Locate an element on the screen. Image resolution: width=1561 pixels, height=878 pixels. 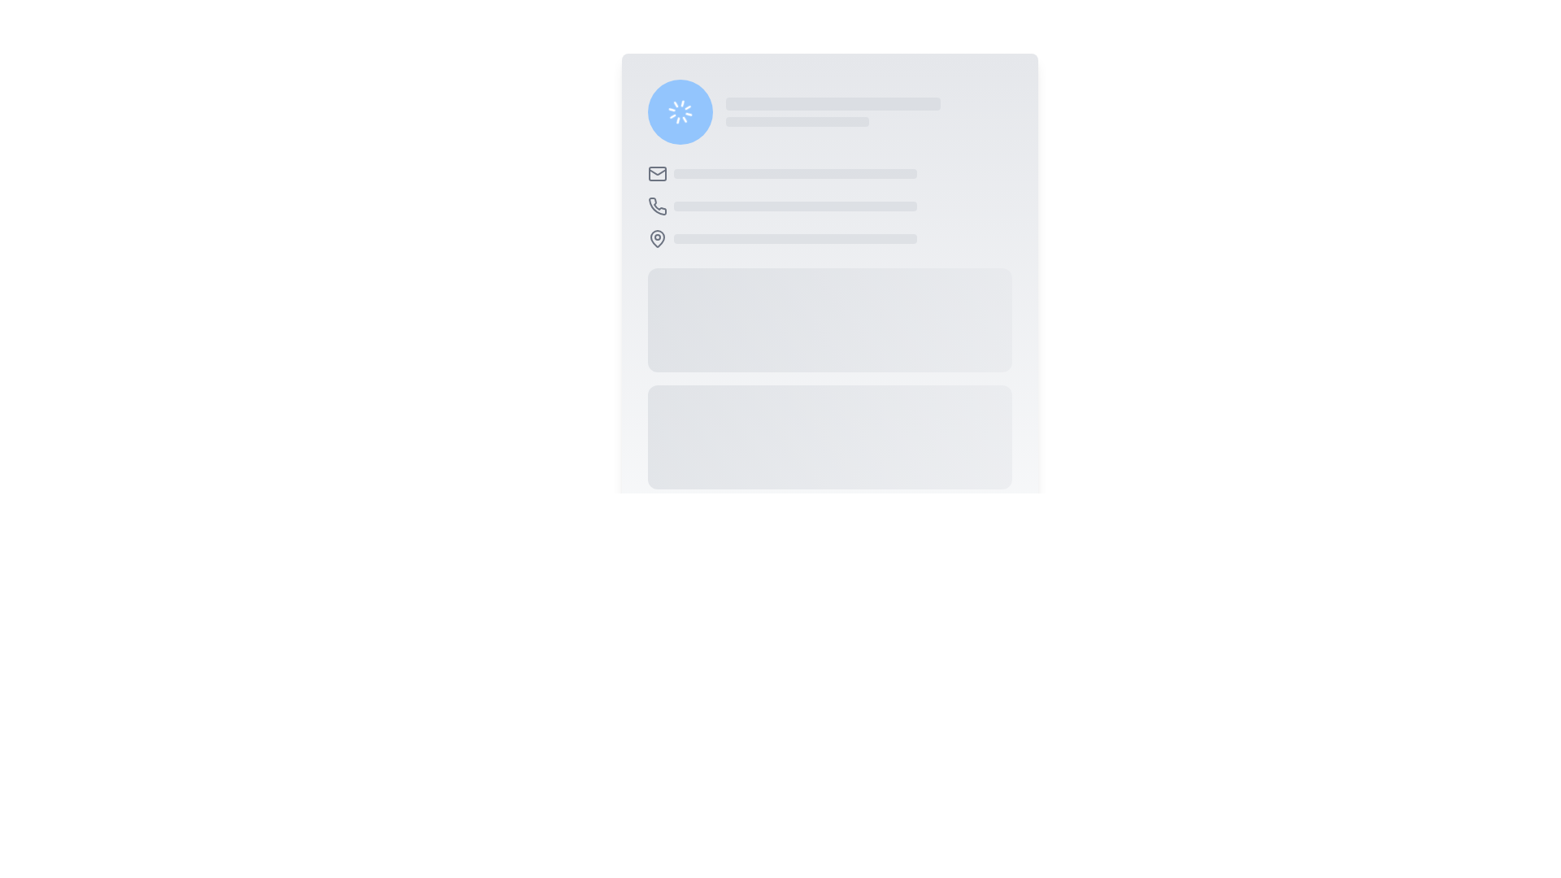
the gray phone icon in a vertical list of icons, indicating a deactivated state is located at coordinates (657, 205).